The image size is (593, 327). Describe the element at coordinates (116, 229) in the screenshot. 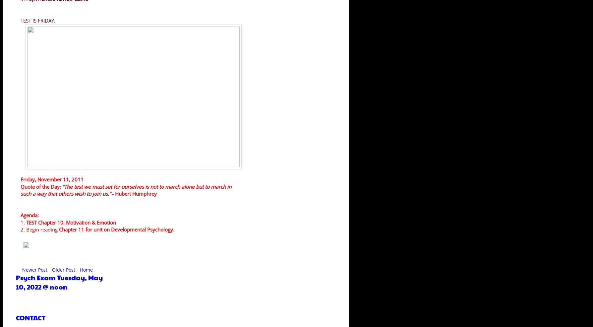

I see `'Chapter 11 for unit on Developmental Psychology.'` at that location.